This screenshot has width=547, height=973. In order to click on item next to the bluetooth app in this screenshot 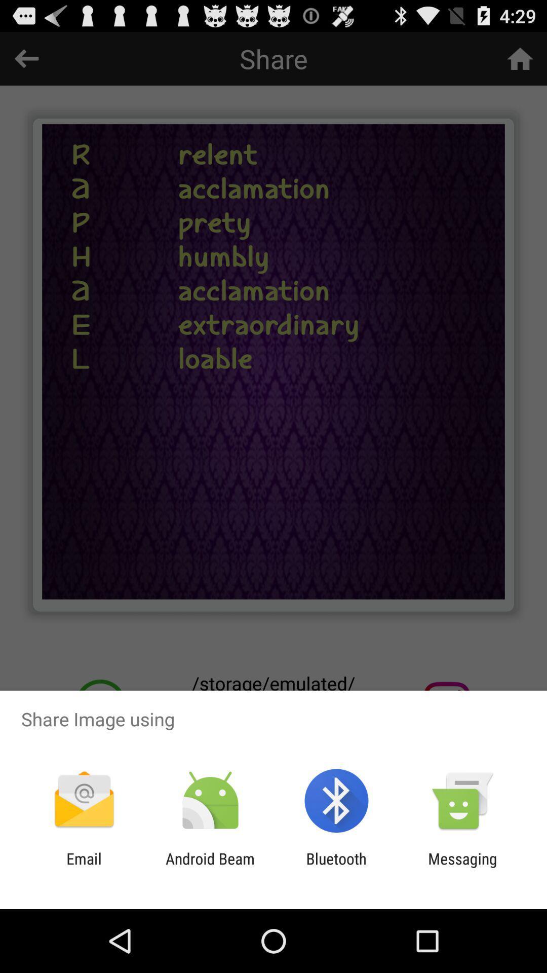, I will do `click(462, 867)`.